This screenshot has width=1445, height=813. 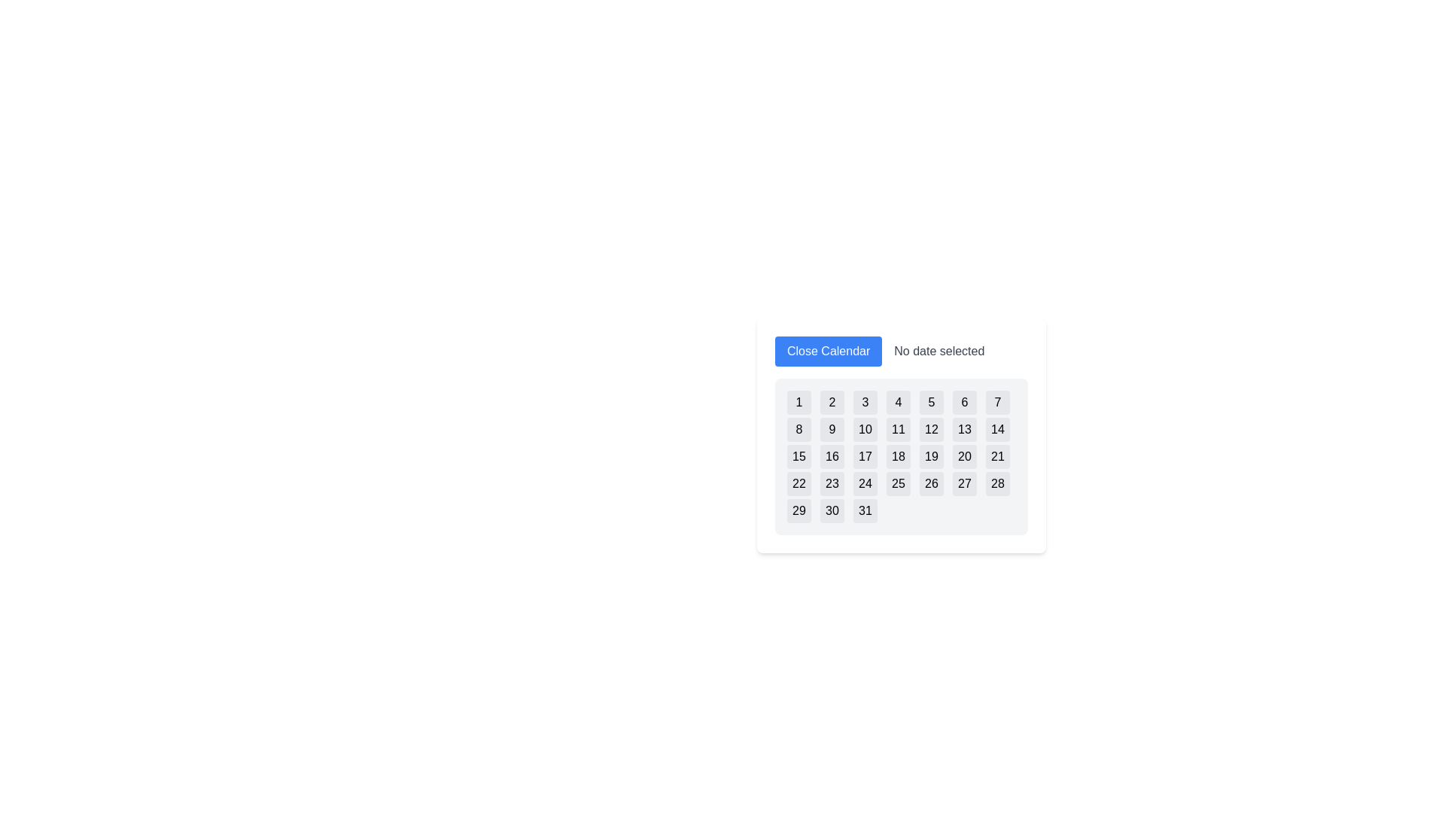 I want to click on the square button with rounded corners and the text '18', so click(x=899, y=455).